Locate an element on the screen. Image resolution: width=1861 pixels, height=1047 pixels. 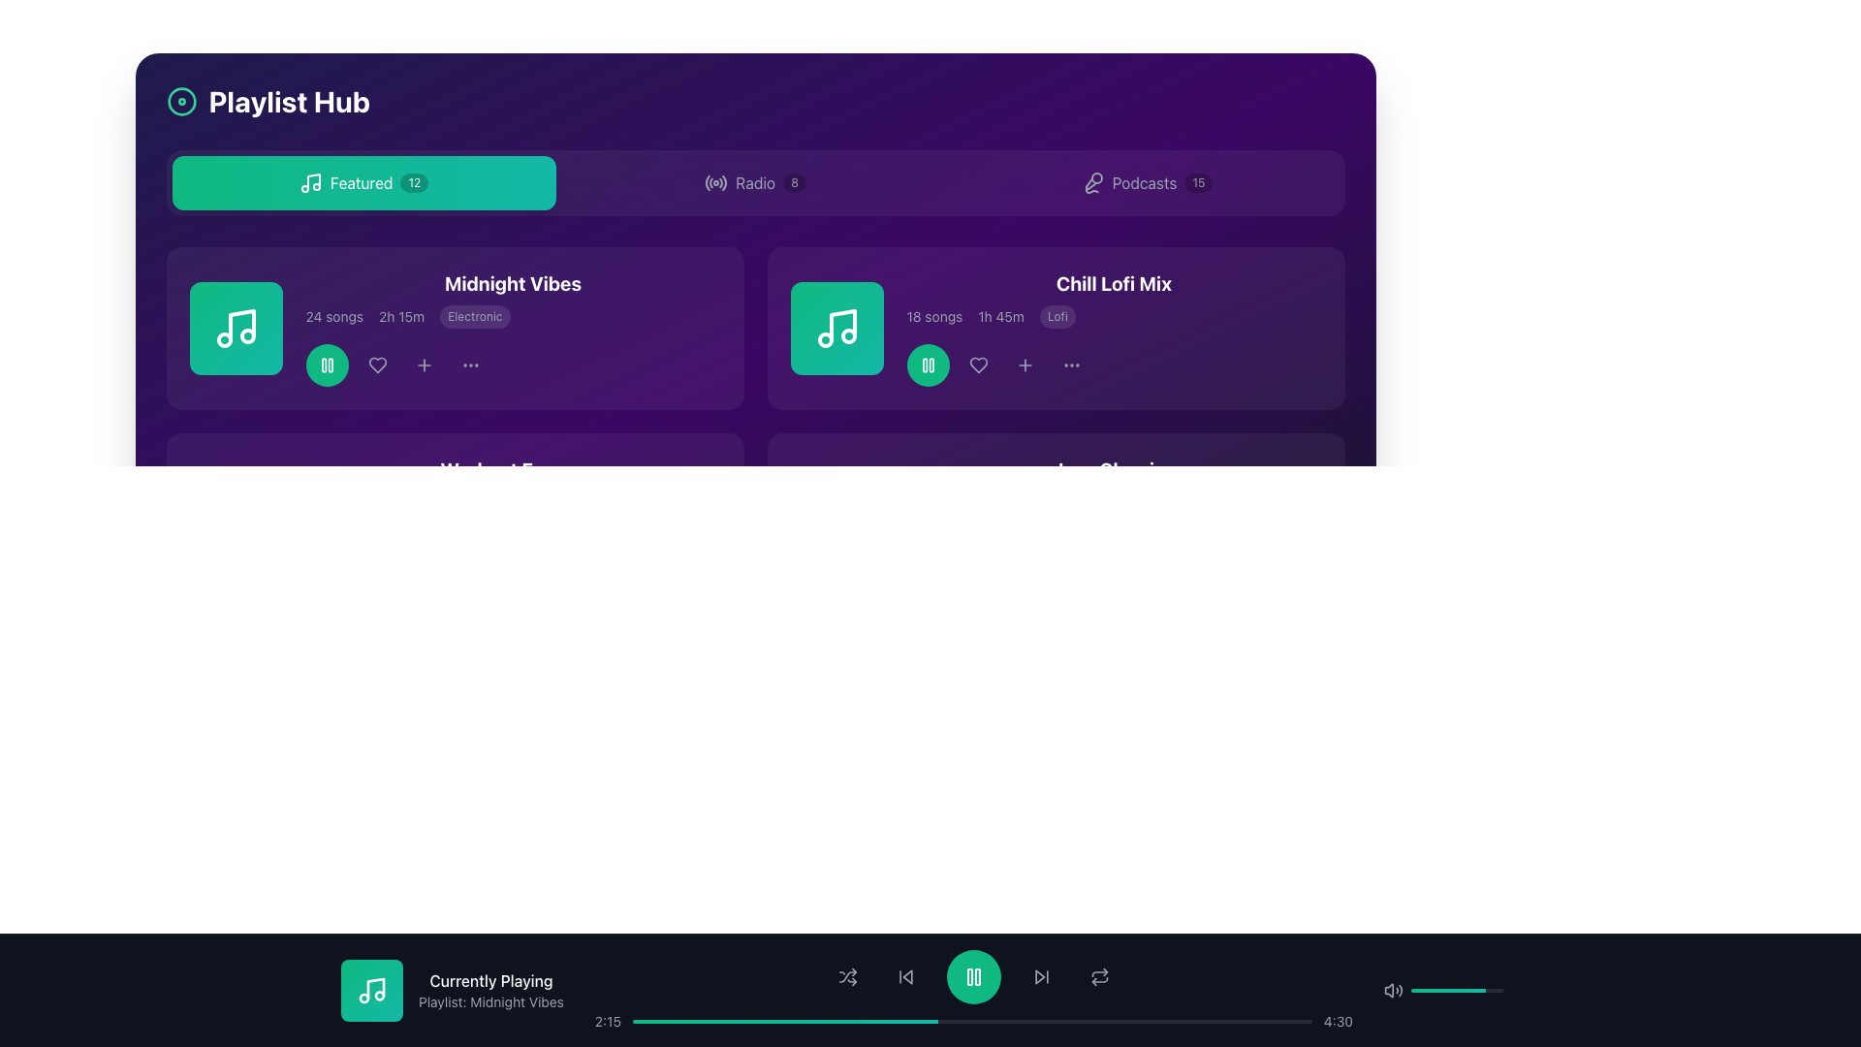
the repeat action button, which is an icon with arrows forming a loop, located on the right side of the bottom control bar is located at coordinates (1099, 976).